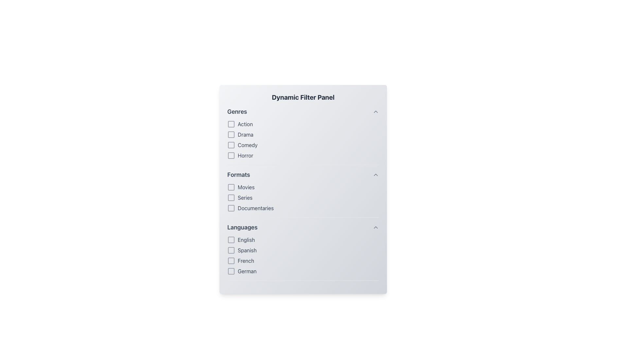 This screenshot has width=628, height=353. Describe the element at coordinates (231, 155) in the screenshot. I see `the checkbox for the 'Horror' genre filter` at that location.